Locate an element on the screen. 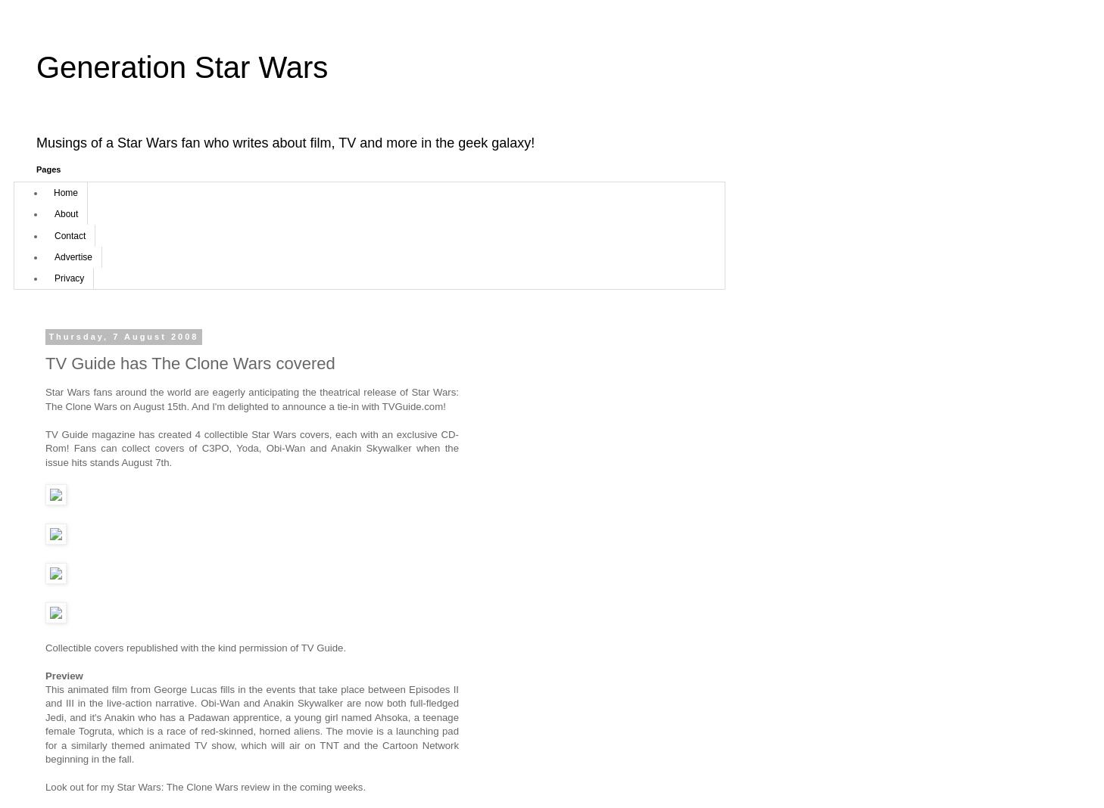  'TV Guide has The Clone Wars covered' is located at coordinates (189, 363).